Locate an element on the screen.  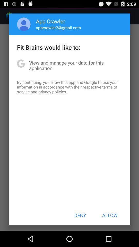
the appcrawler2@gmail.com icon is located at coordinates (58, 28).